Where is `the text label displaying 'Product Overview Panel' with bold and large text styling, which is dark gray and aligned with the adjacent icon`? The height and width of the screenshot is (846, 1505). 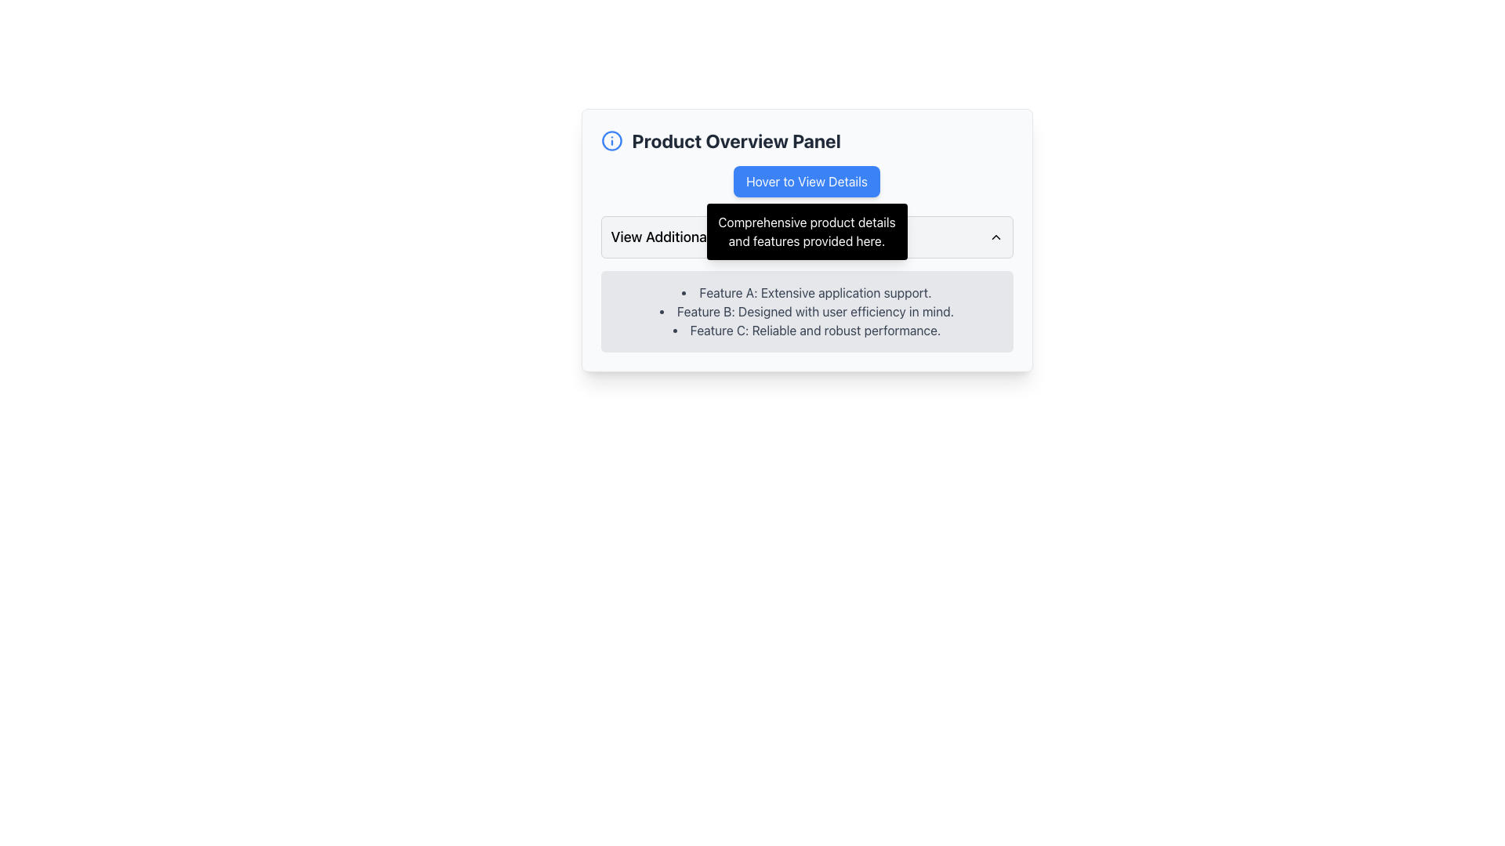
the text label displaying 'Product Overview Panel' with bold and large text styling, which is dark gray and aligned with the adjacent icon is located at coordinates (735, 141).